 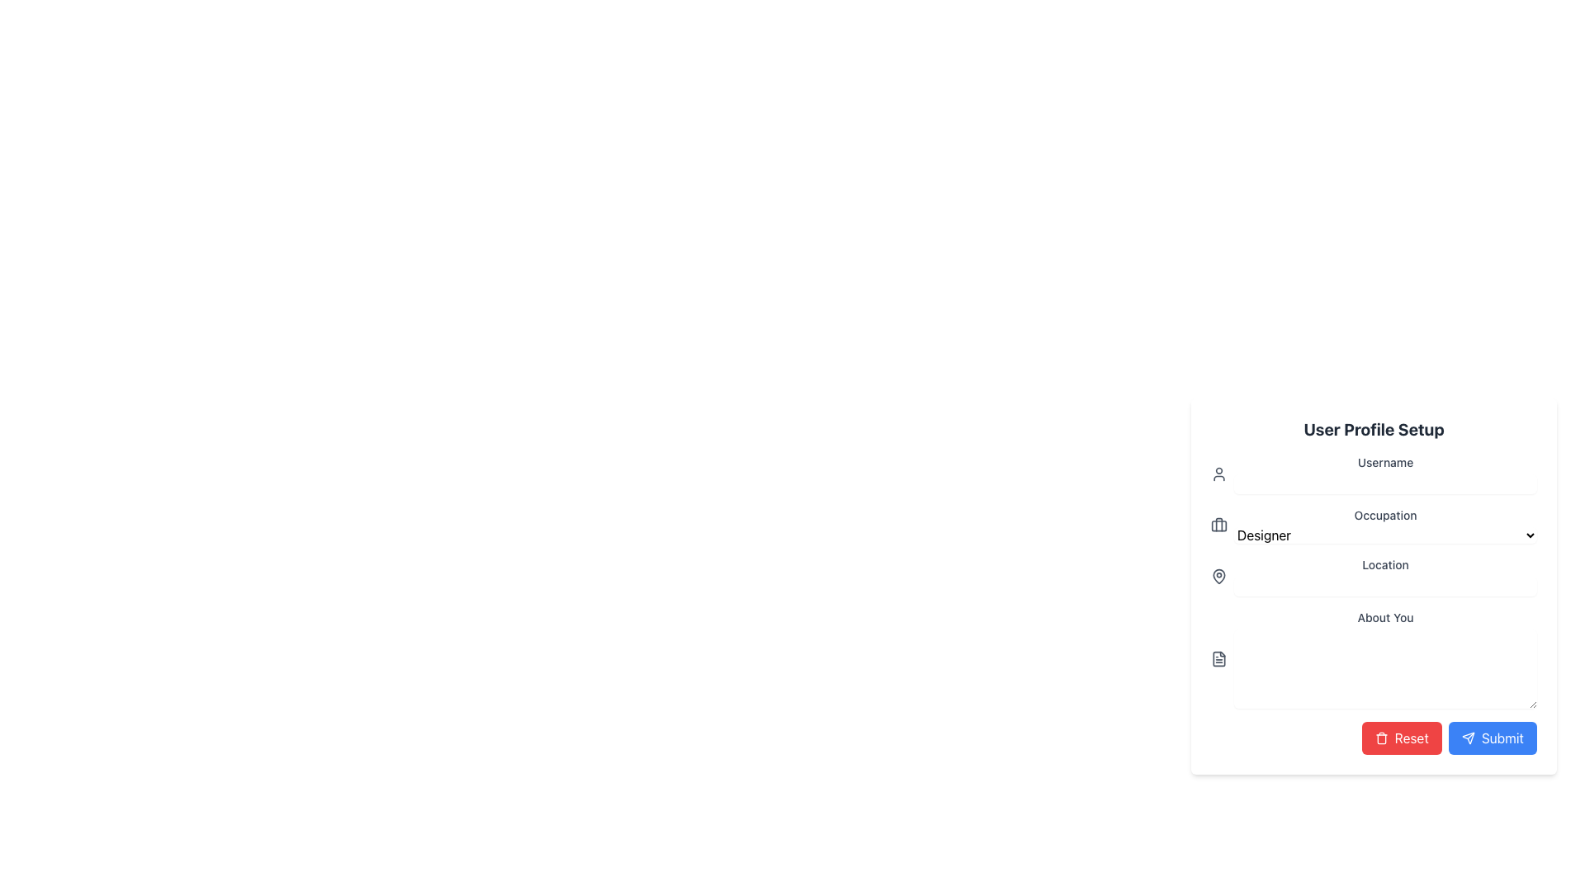 What do you see at coordinates (1219, 474) in the screenshot?
I see `the user profile icon located to the left of the 'Username' text field in the 'User Profile Setup' section` at bounding box center [1219, 474].